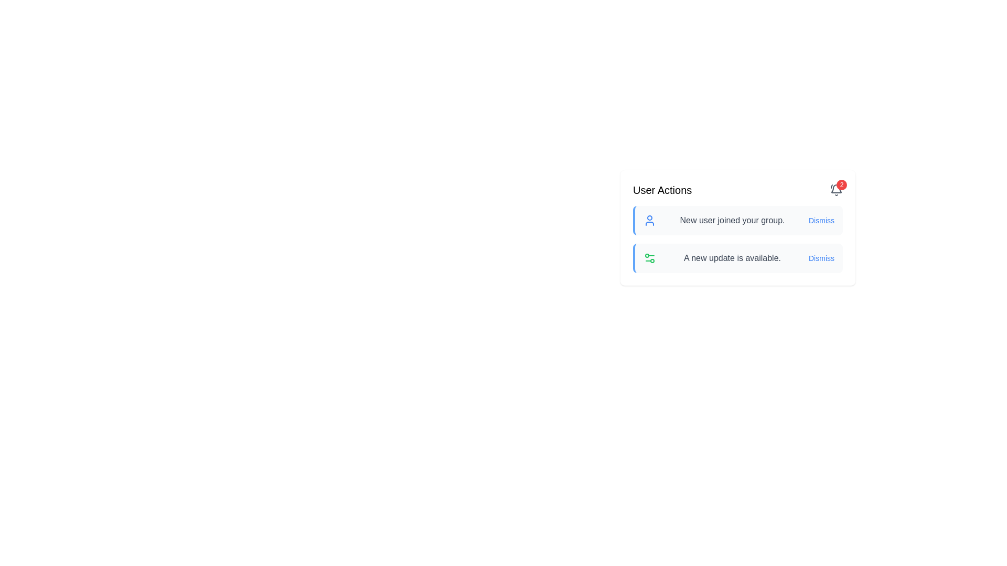  I want to click on the 'Dismiss' button, which is styled as small blue text and located at the end of the notification about a new user joining the group, so click(821, 220).